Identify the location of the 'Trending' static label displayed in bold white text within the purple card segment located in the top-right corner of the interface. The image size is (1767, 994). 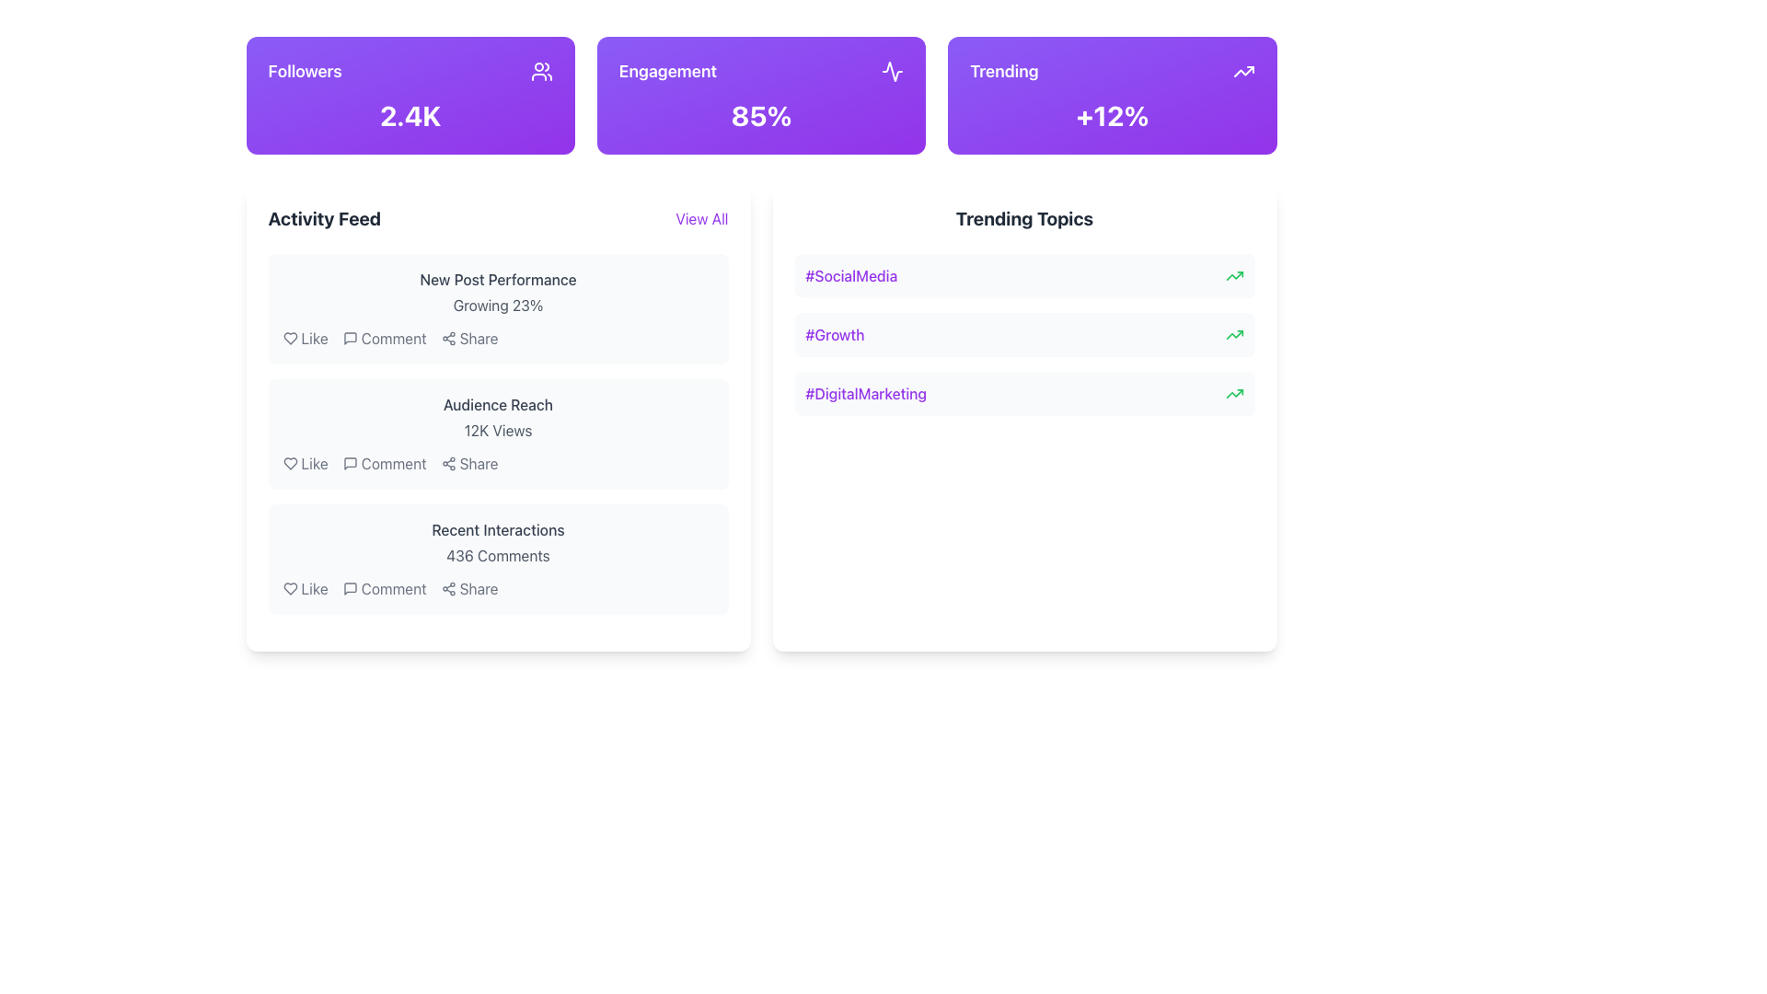
(1003, 70).